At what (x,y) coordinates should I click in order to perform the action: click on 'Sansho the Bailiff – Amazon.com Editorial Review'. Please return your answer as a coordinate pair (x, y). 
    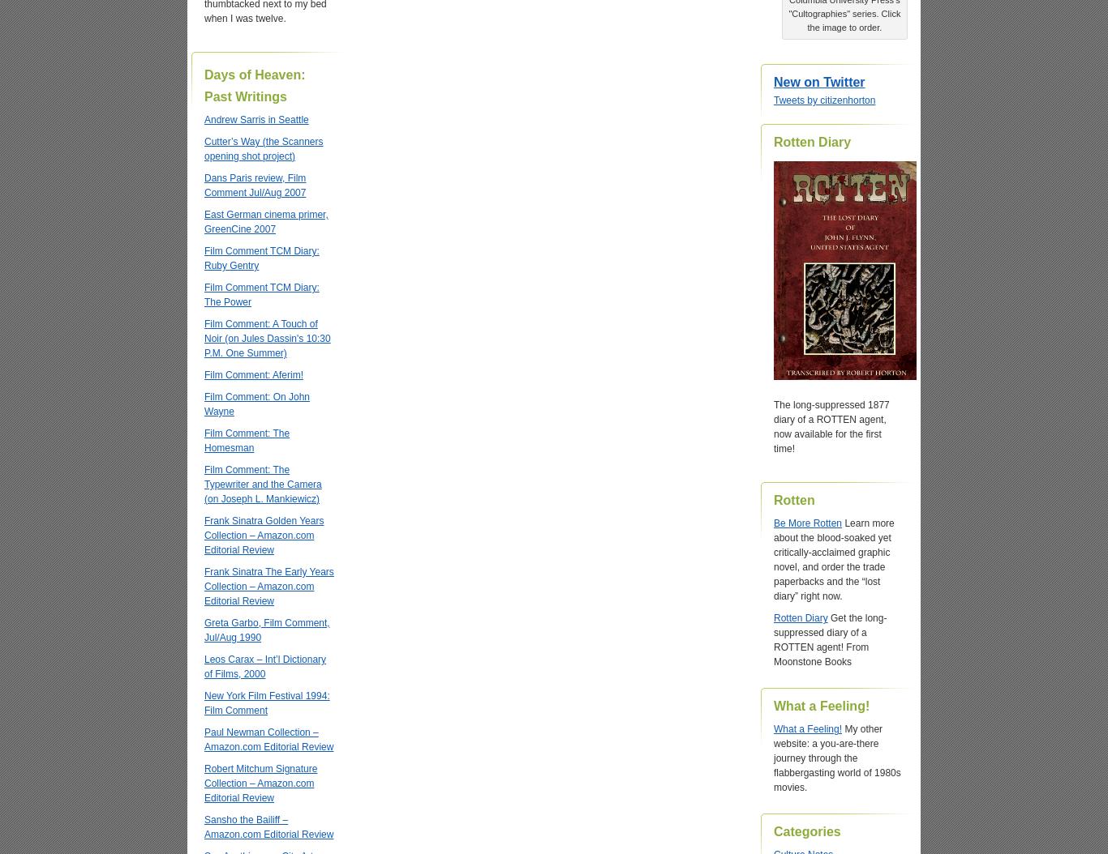
    Looking at the image, I should click on (268, 826).